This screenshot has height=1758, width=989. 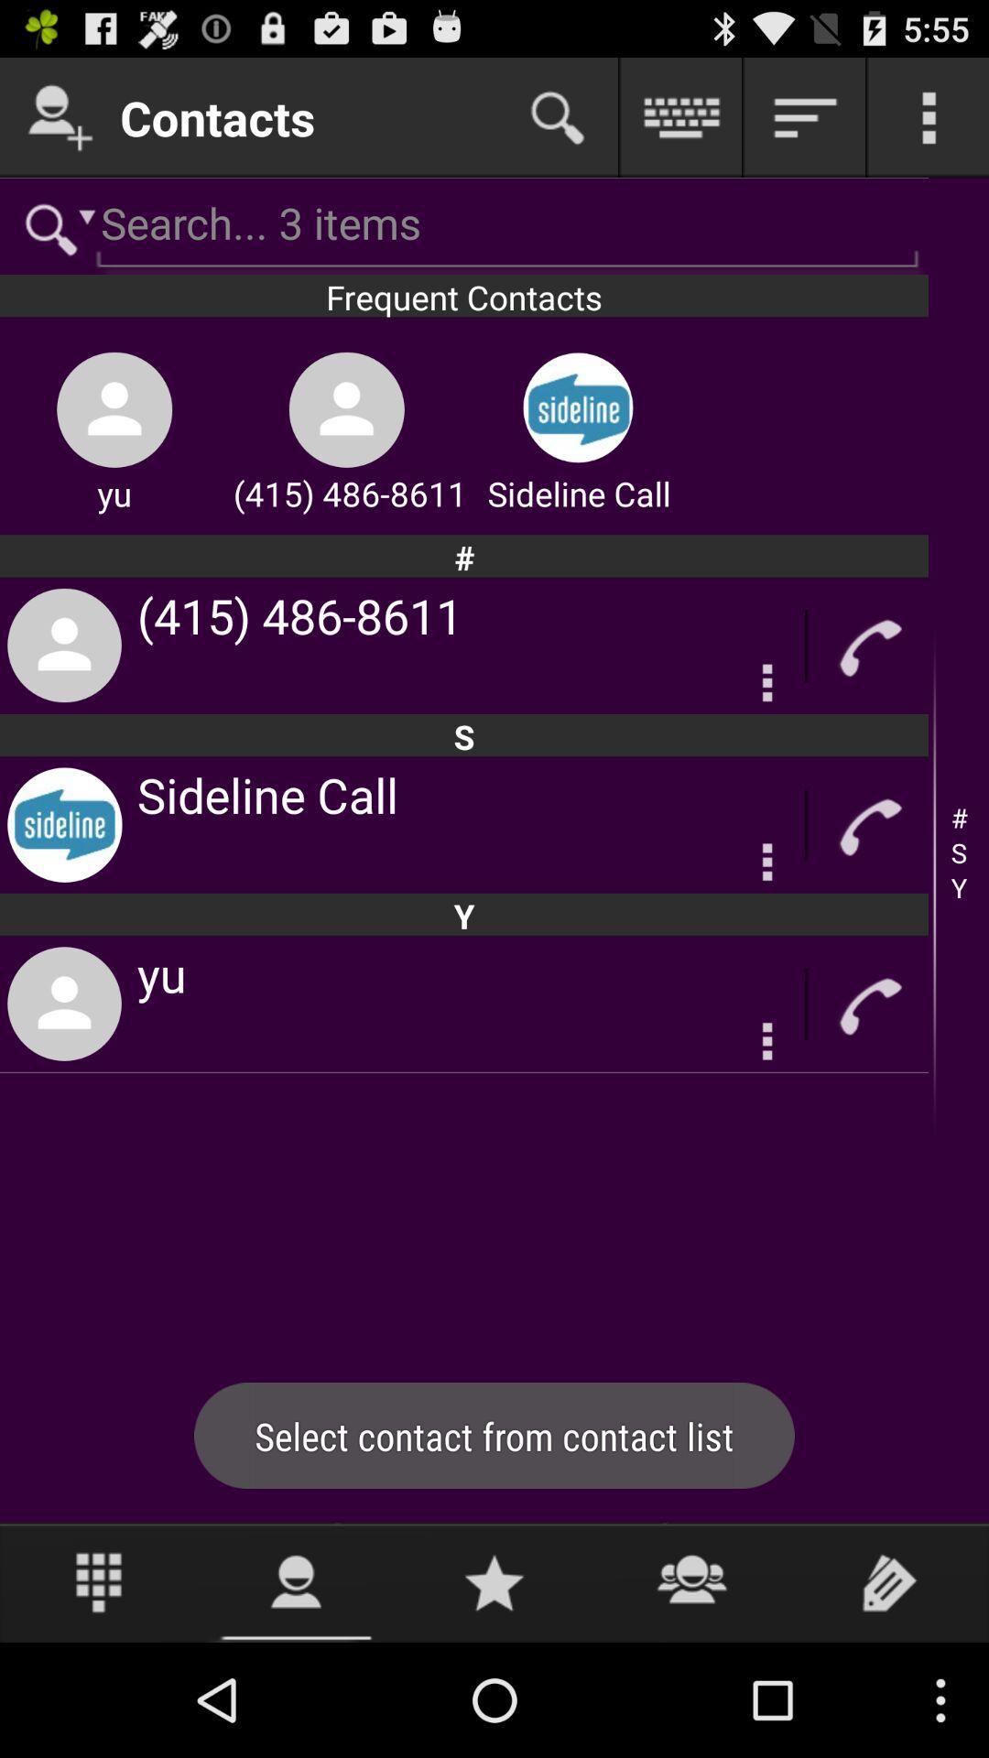 I want to click on the star icon, so click(x=494, y=1692).